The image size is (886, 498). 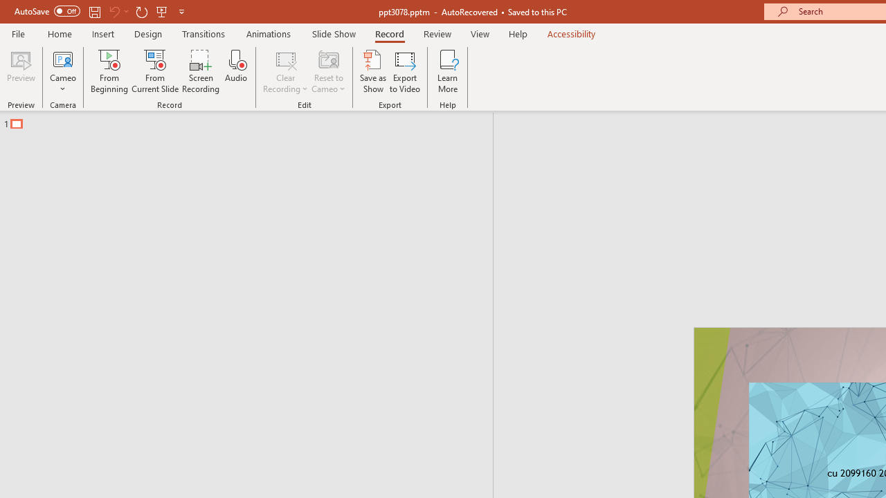 I want to click on 'Learn More', so click(x=448, y=71).